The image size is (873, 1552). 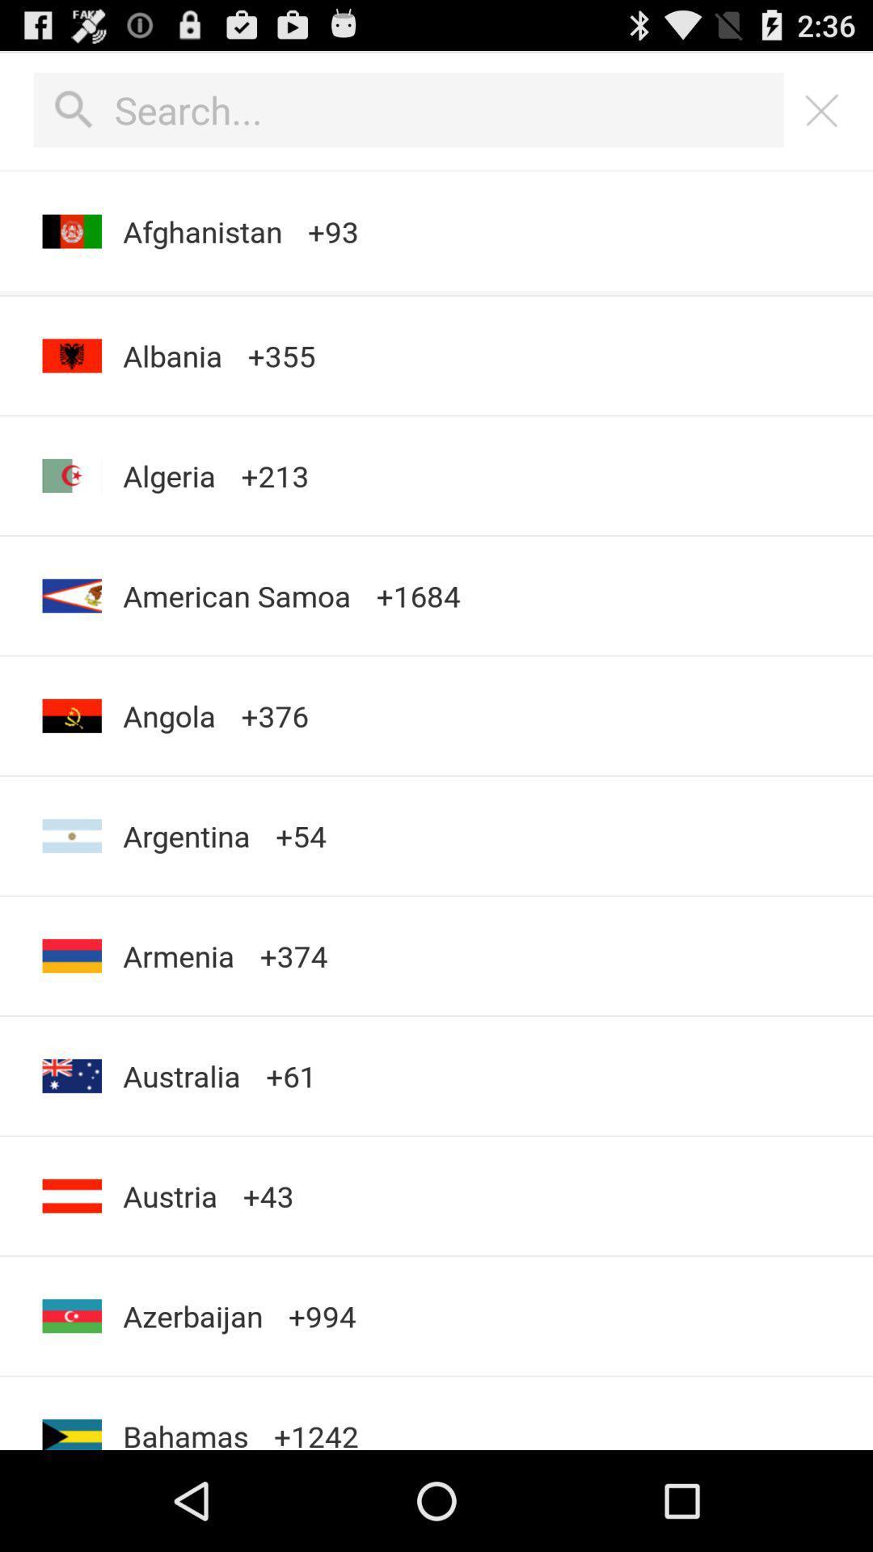 I want to click on perform a search, so click(x=407, y=109).